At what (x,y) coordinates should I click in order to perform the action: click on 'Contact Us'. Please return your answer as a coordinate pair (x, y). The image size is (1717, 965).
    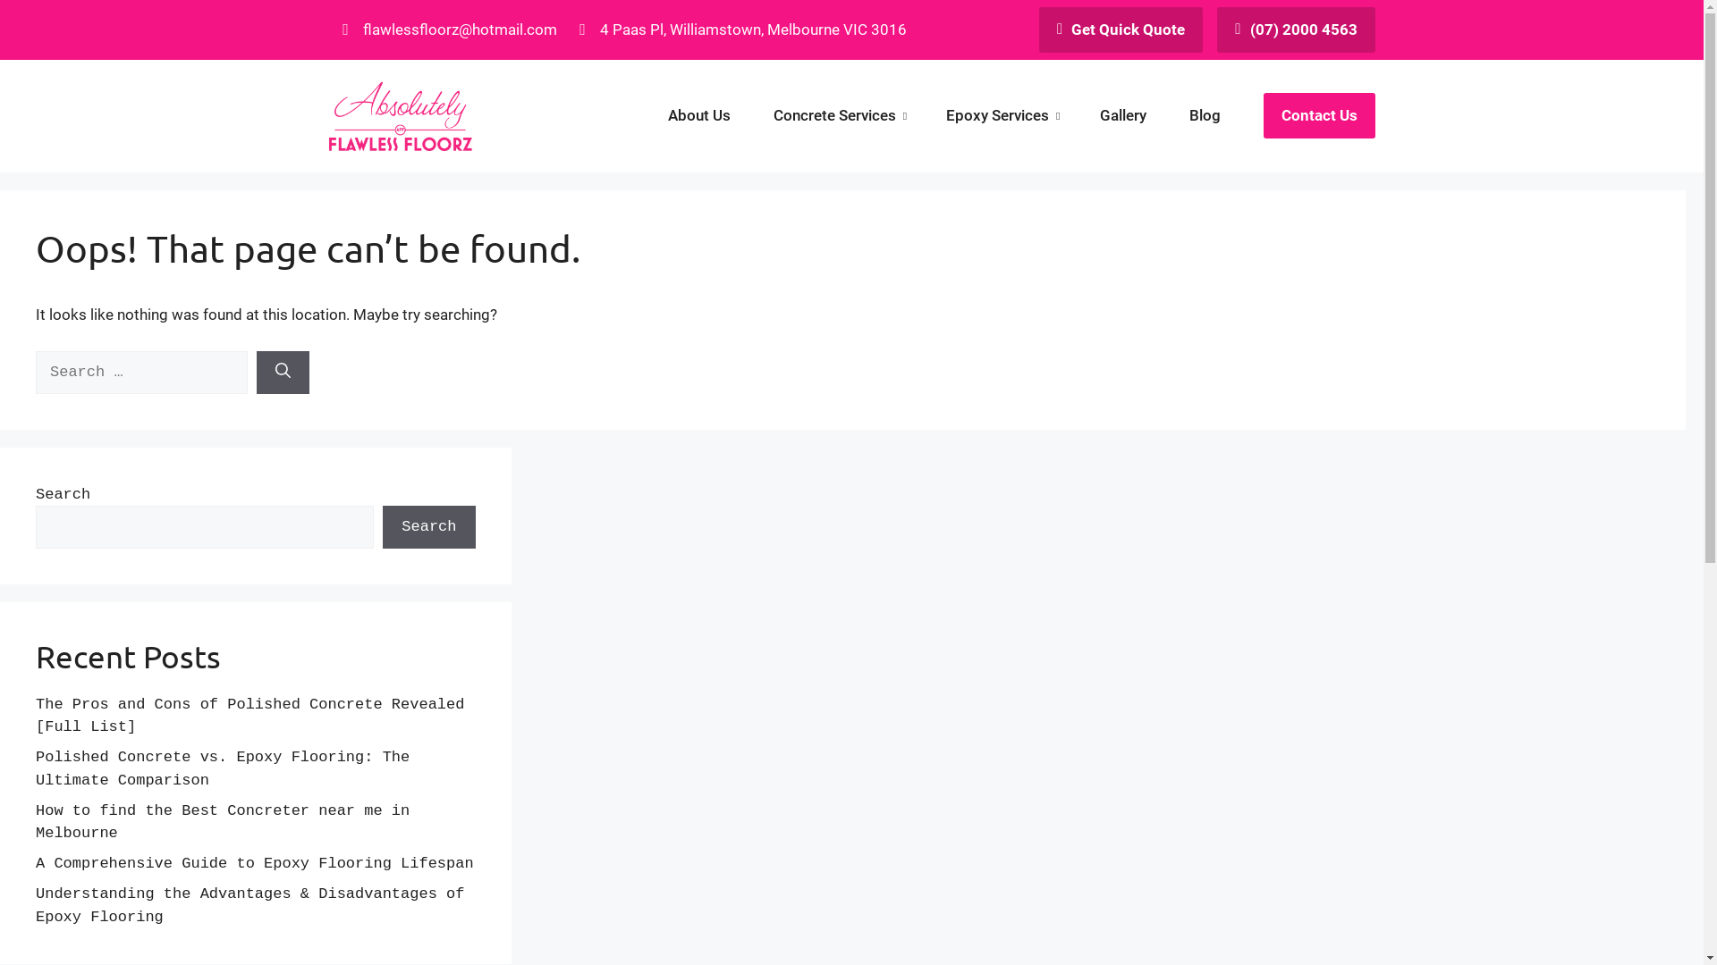
    Looking at the image, I should click on (1318, 114).